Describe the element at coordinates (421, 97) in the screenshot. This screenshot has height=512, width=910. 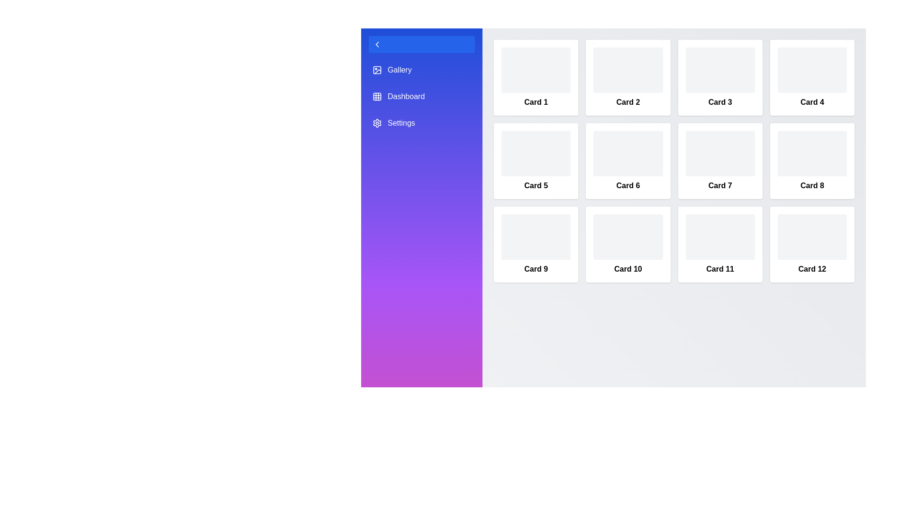
I see `the sidebar item labeled Dashboard` at that location.